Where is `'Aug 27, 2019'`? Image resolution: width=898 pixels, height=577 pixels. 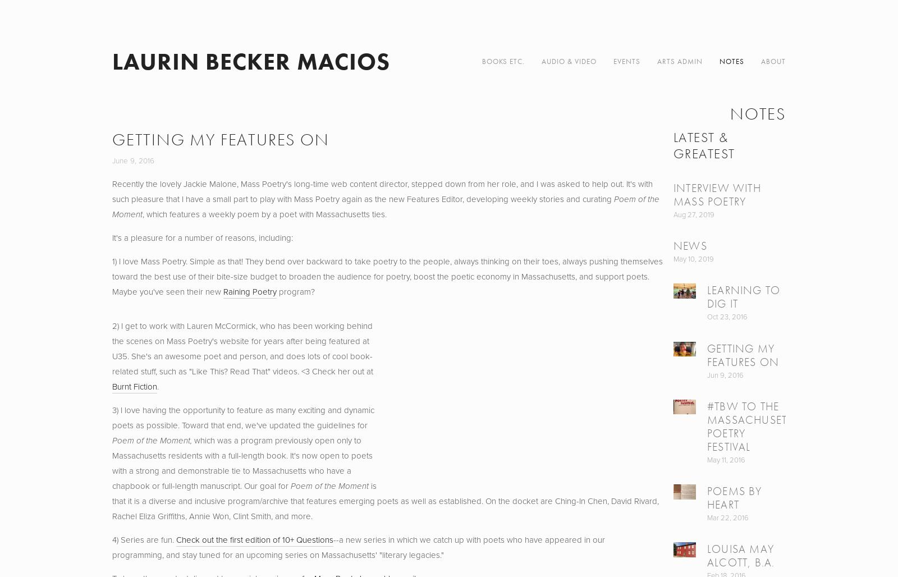 'Aug 27, 2019' is located at coordinates (693, 213).